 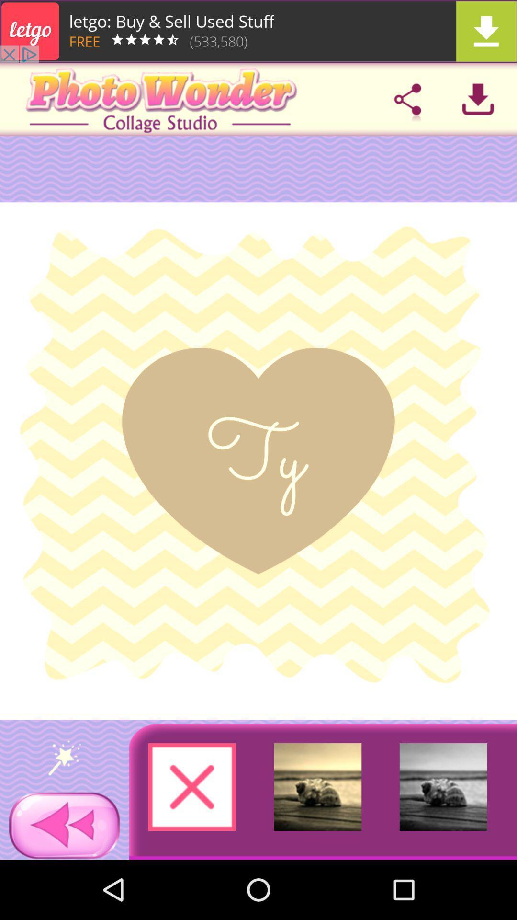 What do you see at coordinates (407, 99) in the screenshot?
I see `share the article` at bounding box center [407, 99].